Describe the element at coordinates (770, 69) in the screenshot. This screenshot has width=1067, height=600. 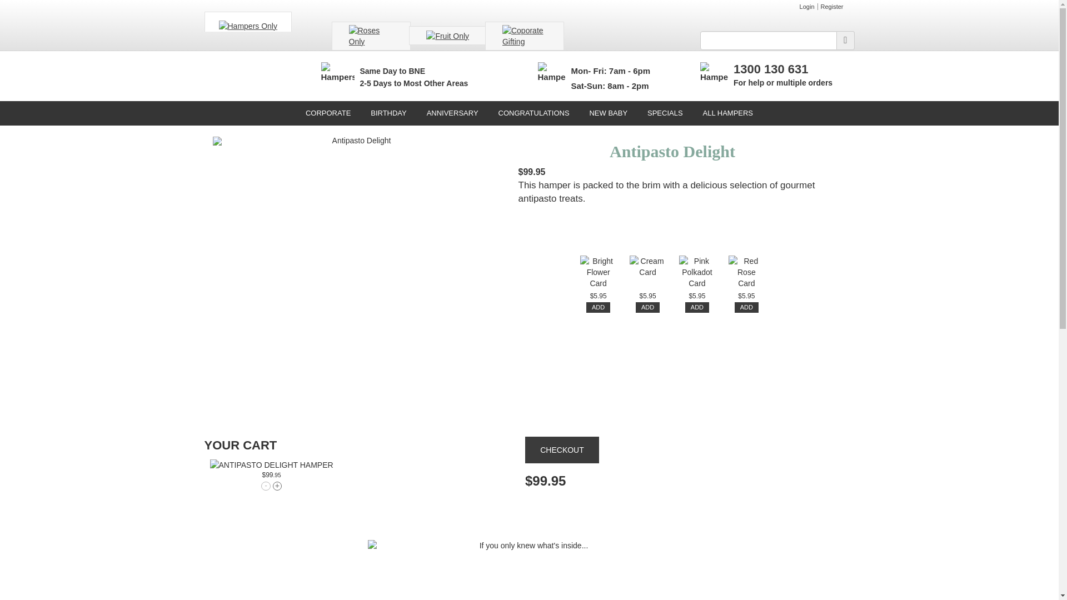
I see `'1300 130 631'` at that location.